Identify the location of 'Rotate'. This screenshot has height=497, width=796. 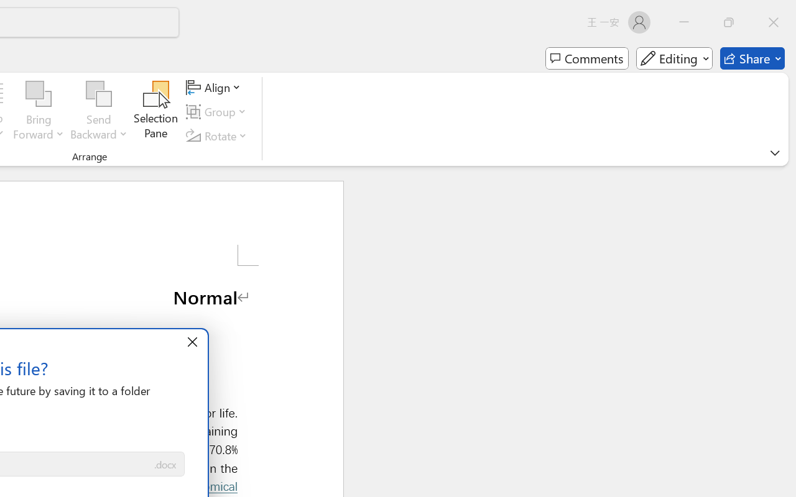
(218, 135).